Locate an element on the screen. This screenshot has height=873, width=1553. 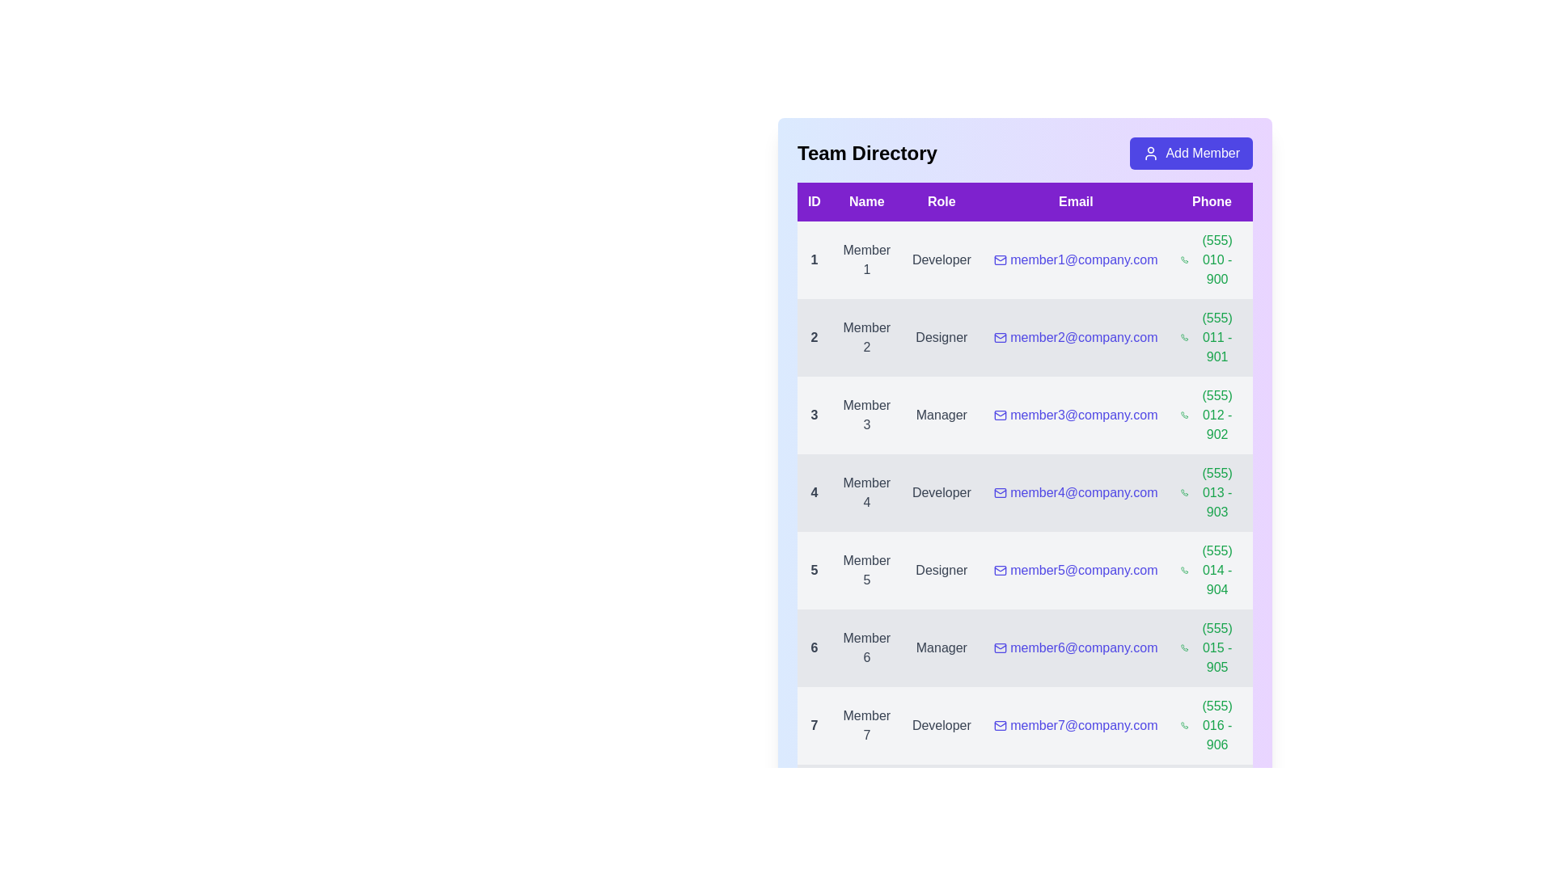
the phone number (555) 010 - 900 to initiate a call is located at coordinates (1212, 259).